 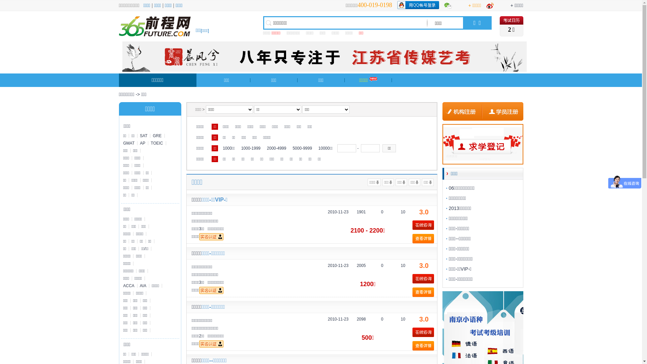 I want to click on 'AP', so click(x=142, y=143).